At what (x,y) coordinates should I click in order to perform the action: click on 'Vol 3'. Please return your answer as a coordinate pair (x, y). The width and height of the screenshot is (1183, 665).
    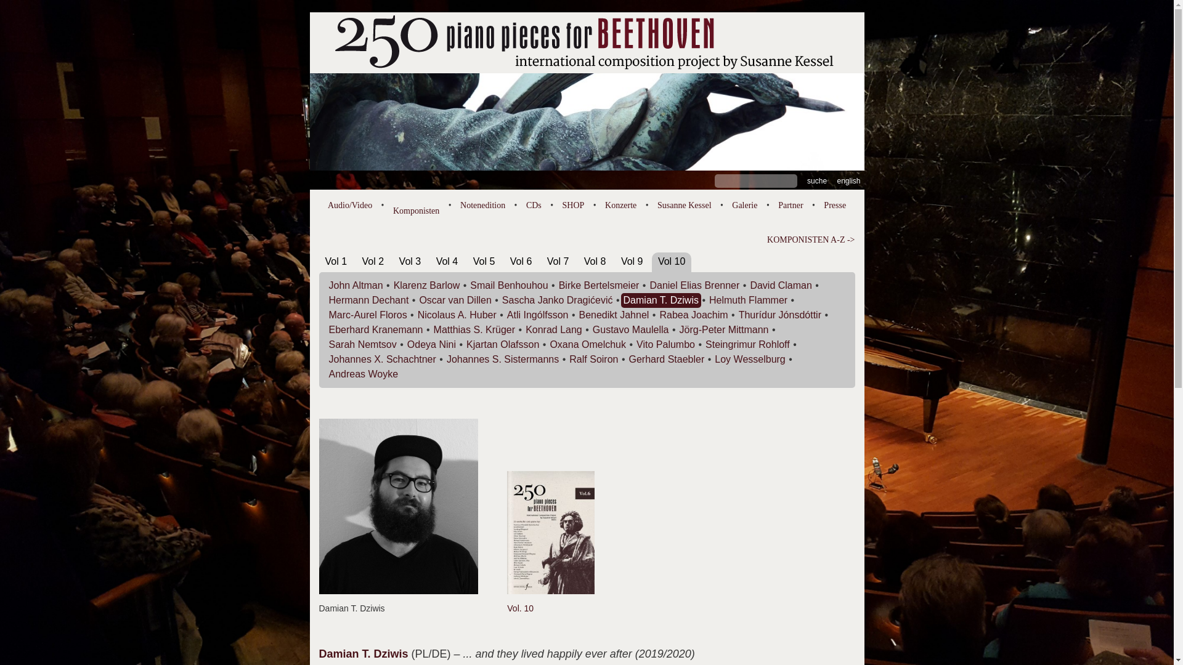
    Looking at the image, I should click on (410, 260).